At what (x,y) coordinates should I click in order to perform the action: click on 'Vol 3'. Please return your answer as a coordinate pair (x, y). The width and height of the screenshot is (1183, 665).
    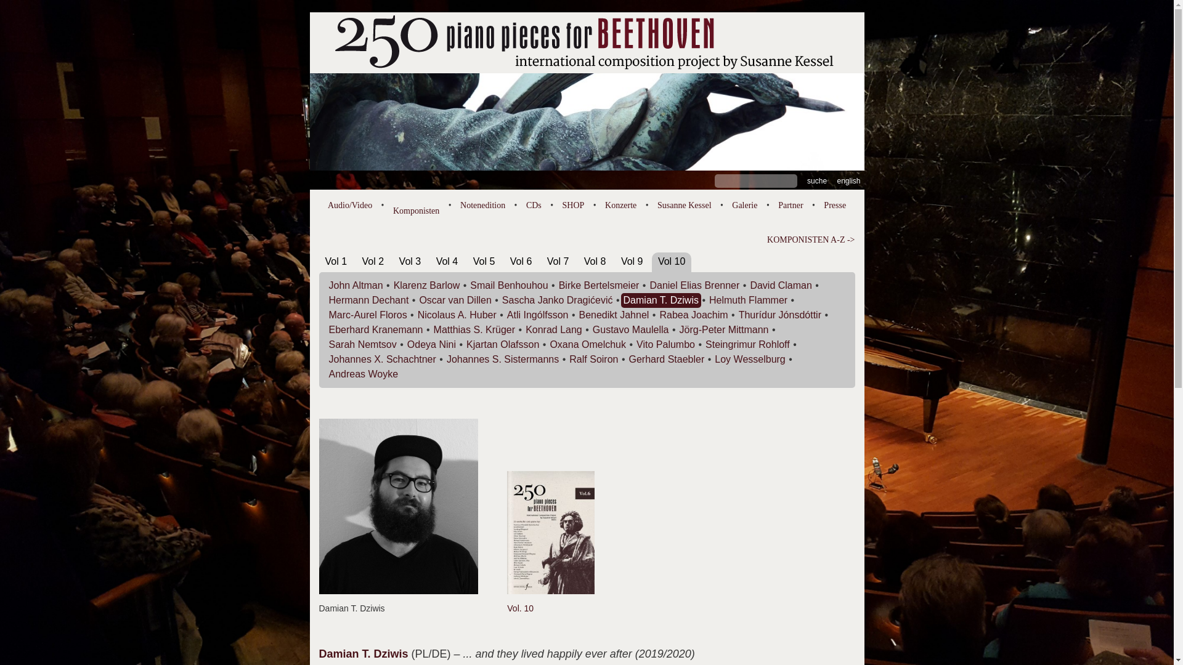
    Looking at the image, I should click on (410, 260).